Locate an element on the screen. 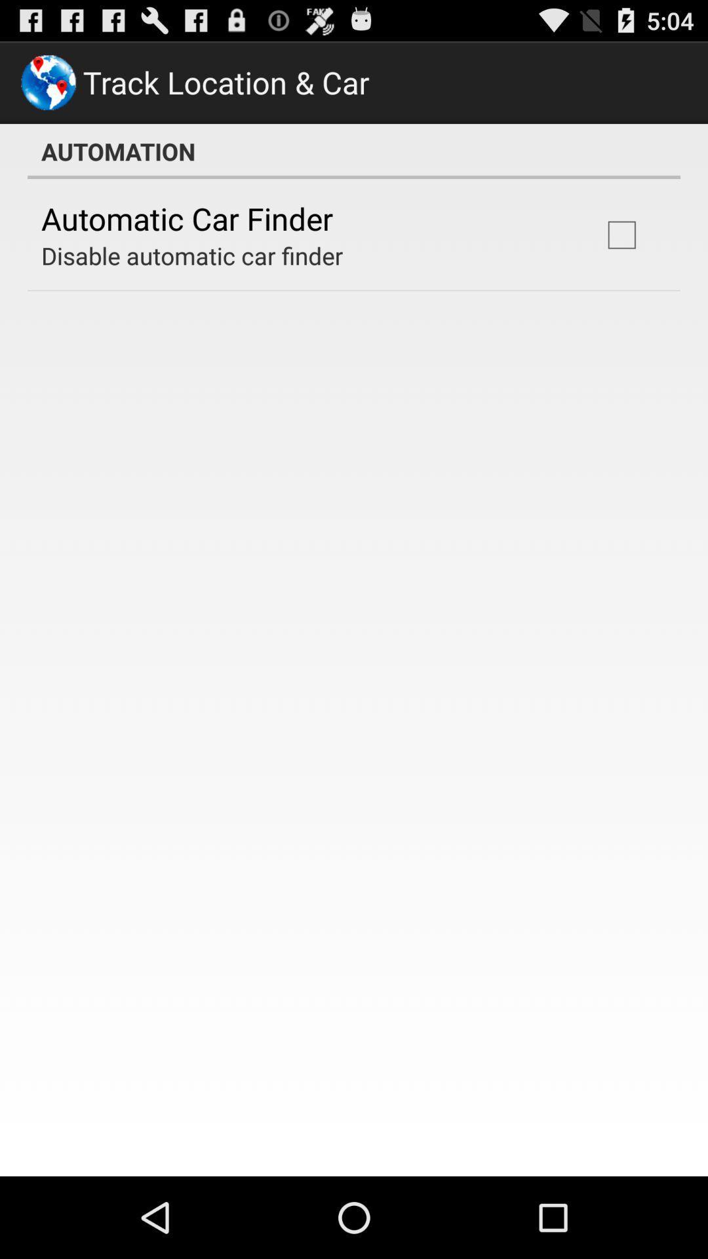 The height and width of the screenshot is (1259, 708). icon next to disable automatic car app is located at coordinates (621, 235).